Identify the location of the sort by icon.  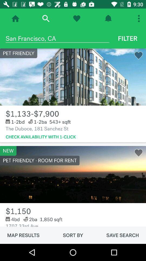
(73, 235).